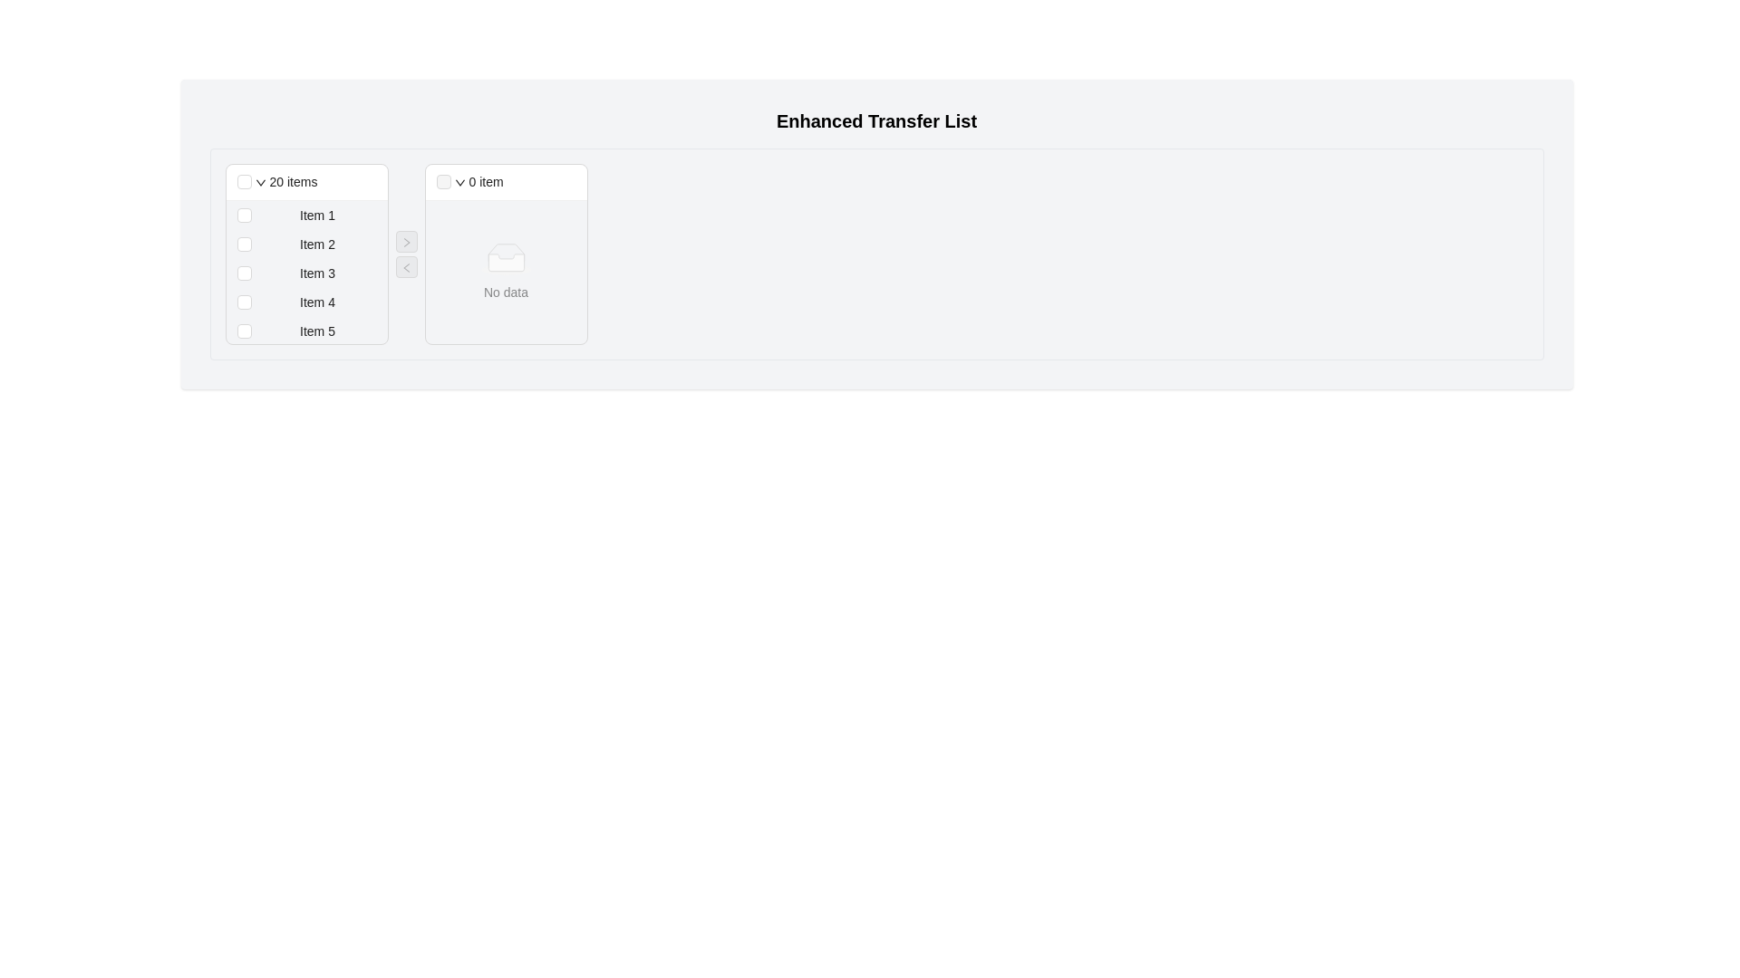 This screenshot has width=1740, height=978. I want to click on the text 'Item 1' in the Checkbox list item located in the left-hand panel of the two-panel list interface, so click(306, 215).